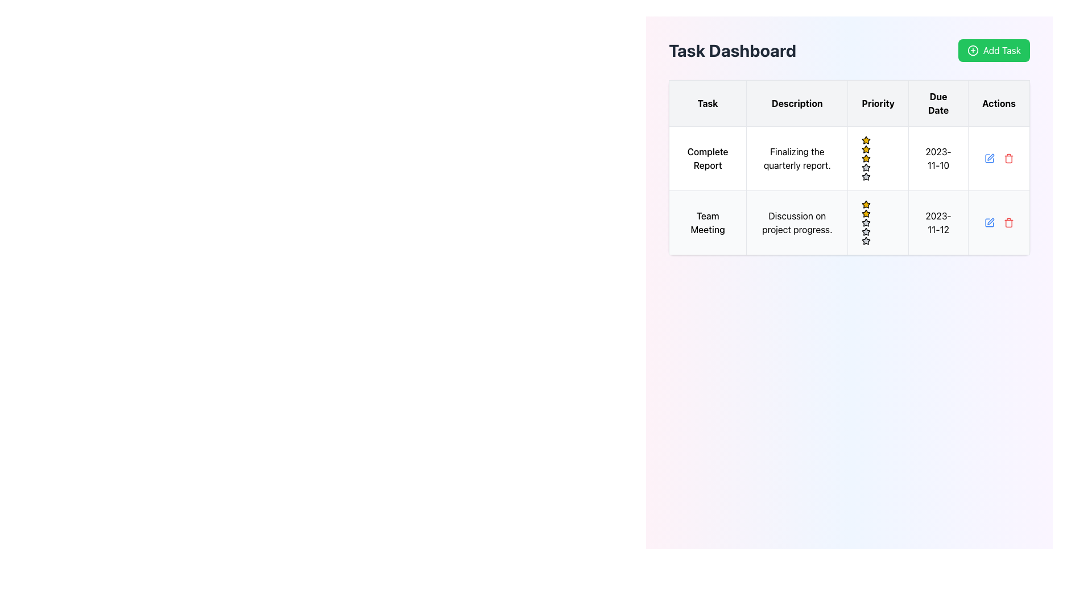 The image size is (1092, 614). Describe the element at coordinates (998, 158) in the screenshot. I see `the action control group containing the blue pen icon and the red trash can icon for the 'Complete Report' task using keyboard navigation for accessibility` at that location.